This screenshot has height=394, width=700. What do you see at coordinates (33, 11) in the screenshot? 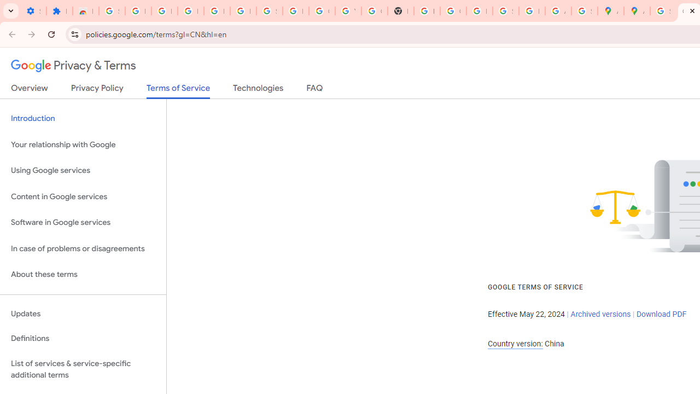
I see `'Settings - On startup'` at bounding box center [33, 11].